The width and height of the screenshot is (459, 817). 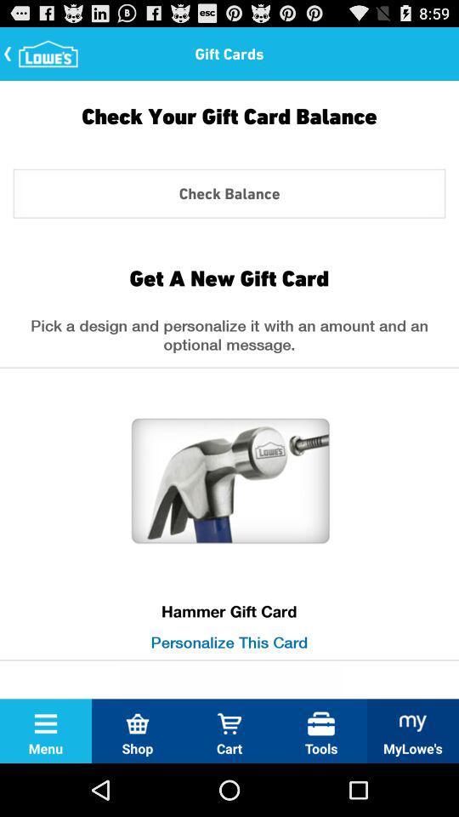 I want to click on the get a new, so click(x=229, y=277).